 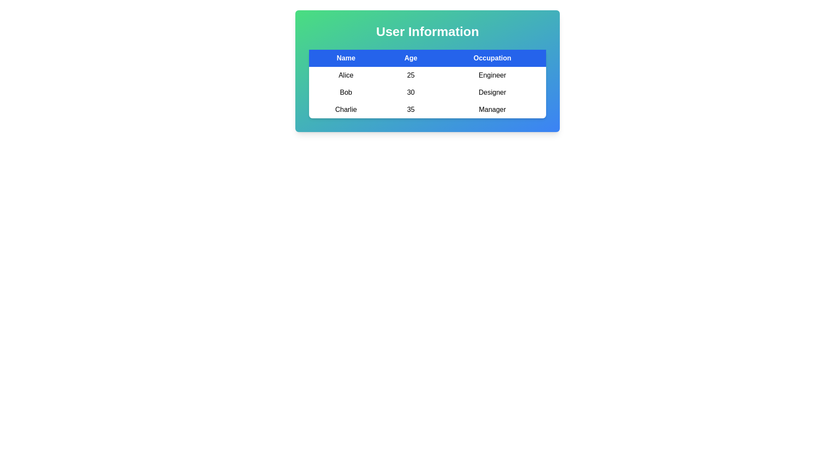 I want to click on text contained in the header labeled 'Age', which is styled with a white font on a blue background and is located in the second column of a structured table layout, so click(x=410, y=58).